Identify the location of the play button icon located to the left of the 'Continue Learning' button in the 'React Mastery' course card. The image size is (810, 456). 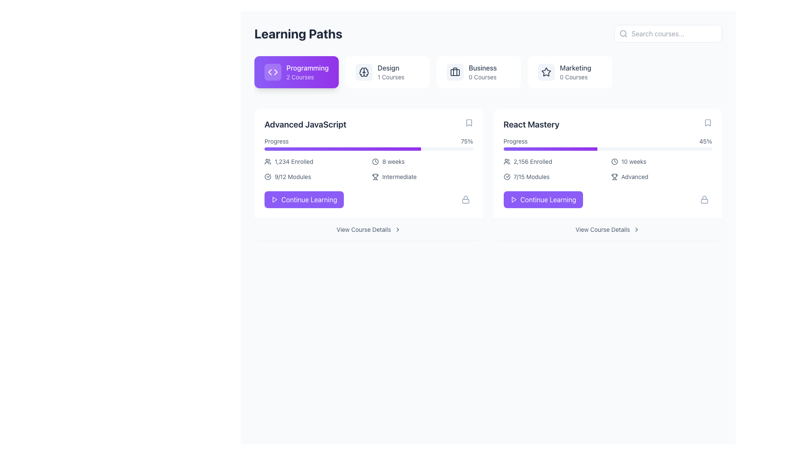
(513, 200).